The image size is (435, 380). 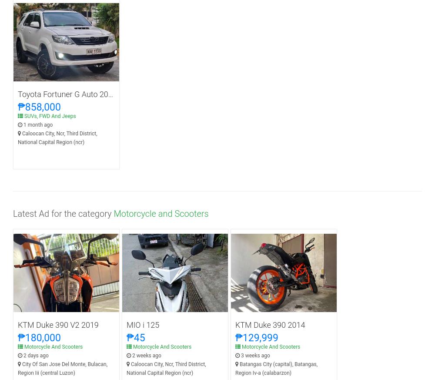 I want to click on 'KTM Duke 390 2014', so click(x=270, y=324).